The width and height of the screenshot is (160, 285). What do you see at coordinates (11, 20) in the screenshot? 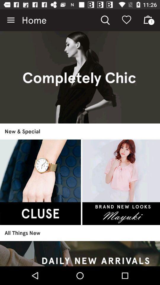
I see `the item at the top left corner` at bounding box center [11, 20].